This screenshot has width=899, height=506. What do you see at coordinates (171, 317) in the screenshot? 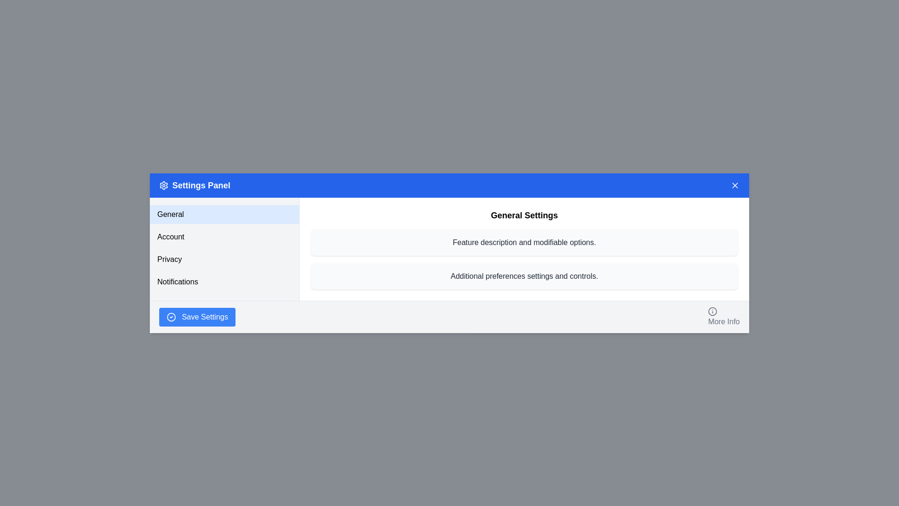
I see `the circular icon with a checkmark inside, which is outlined and has a blue background, located at the left end of the 'Save Settings' button` at bounding box center [171, 317].